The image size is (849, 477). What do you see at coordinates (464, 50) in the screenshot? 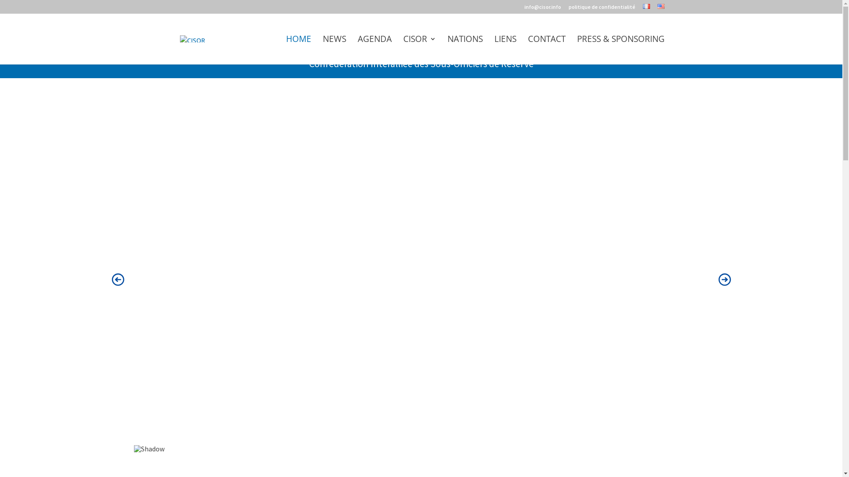
I see `'NATIONS'` at bounding box center [464, 50].